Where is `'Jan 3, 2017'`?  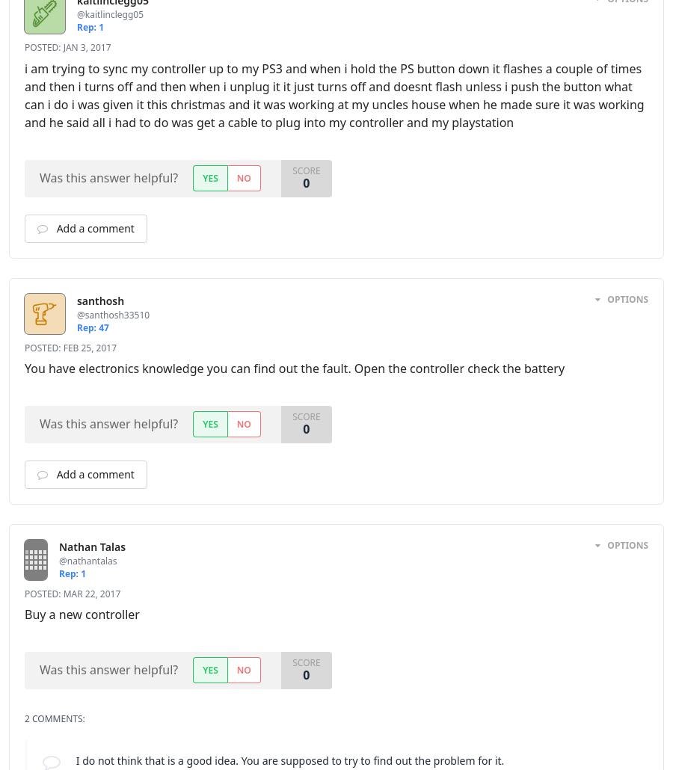
'Jan 3, 2017' is located at coordinates (61, 47).